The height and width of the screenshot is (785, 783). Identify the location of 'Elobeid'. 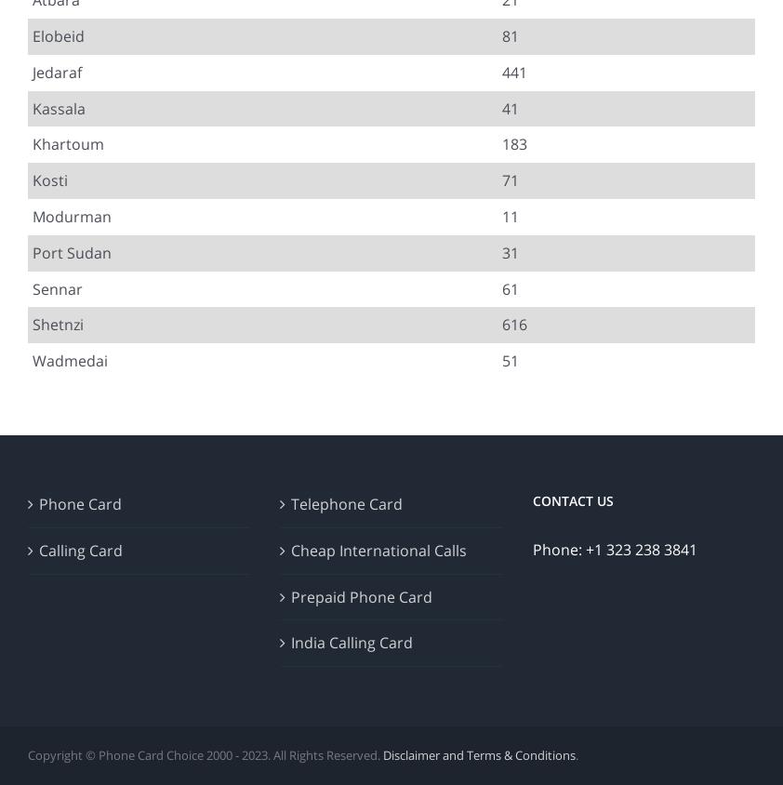
(57, 34).